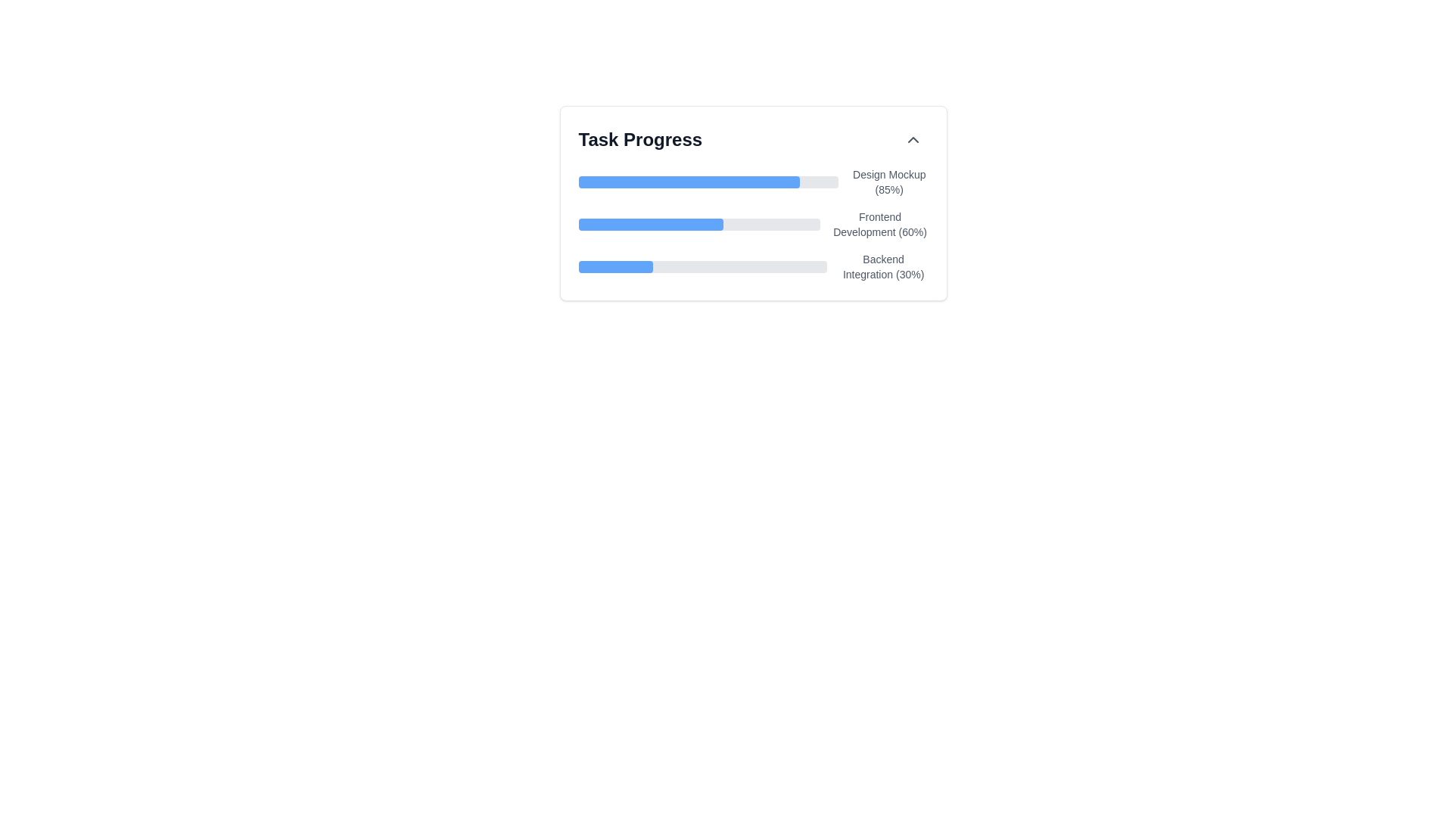 This screenshot has height=817, width=1453. I want to click on the progress bar indicating 'Frontend Development (60%)', which is the second progress bar in the list and is positioned between 'Design Mockup (85%)' above and 'Backend Integration (30%)' below, so click(698, 225).